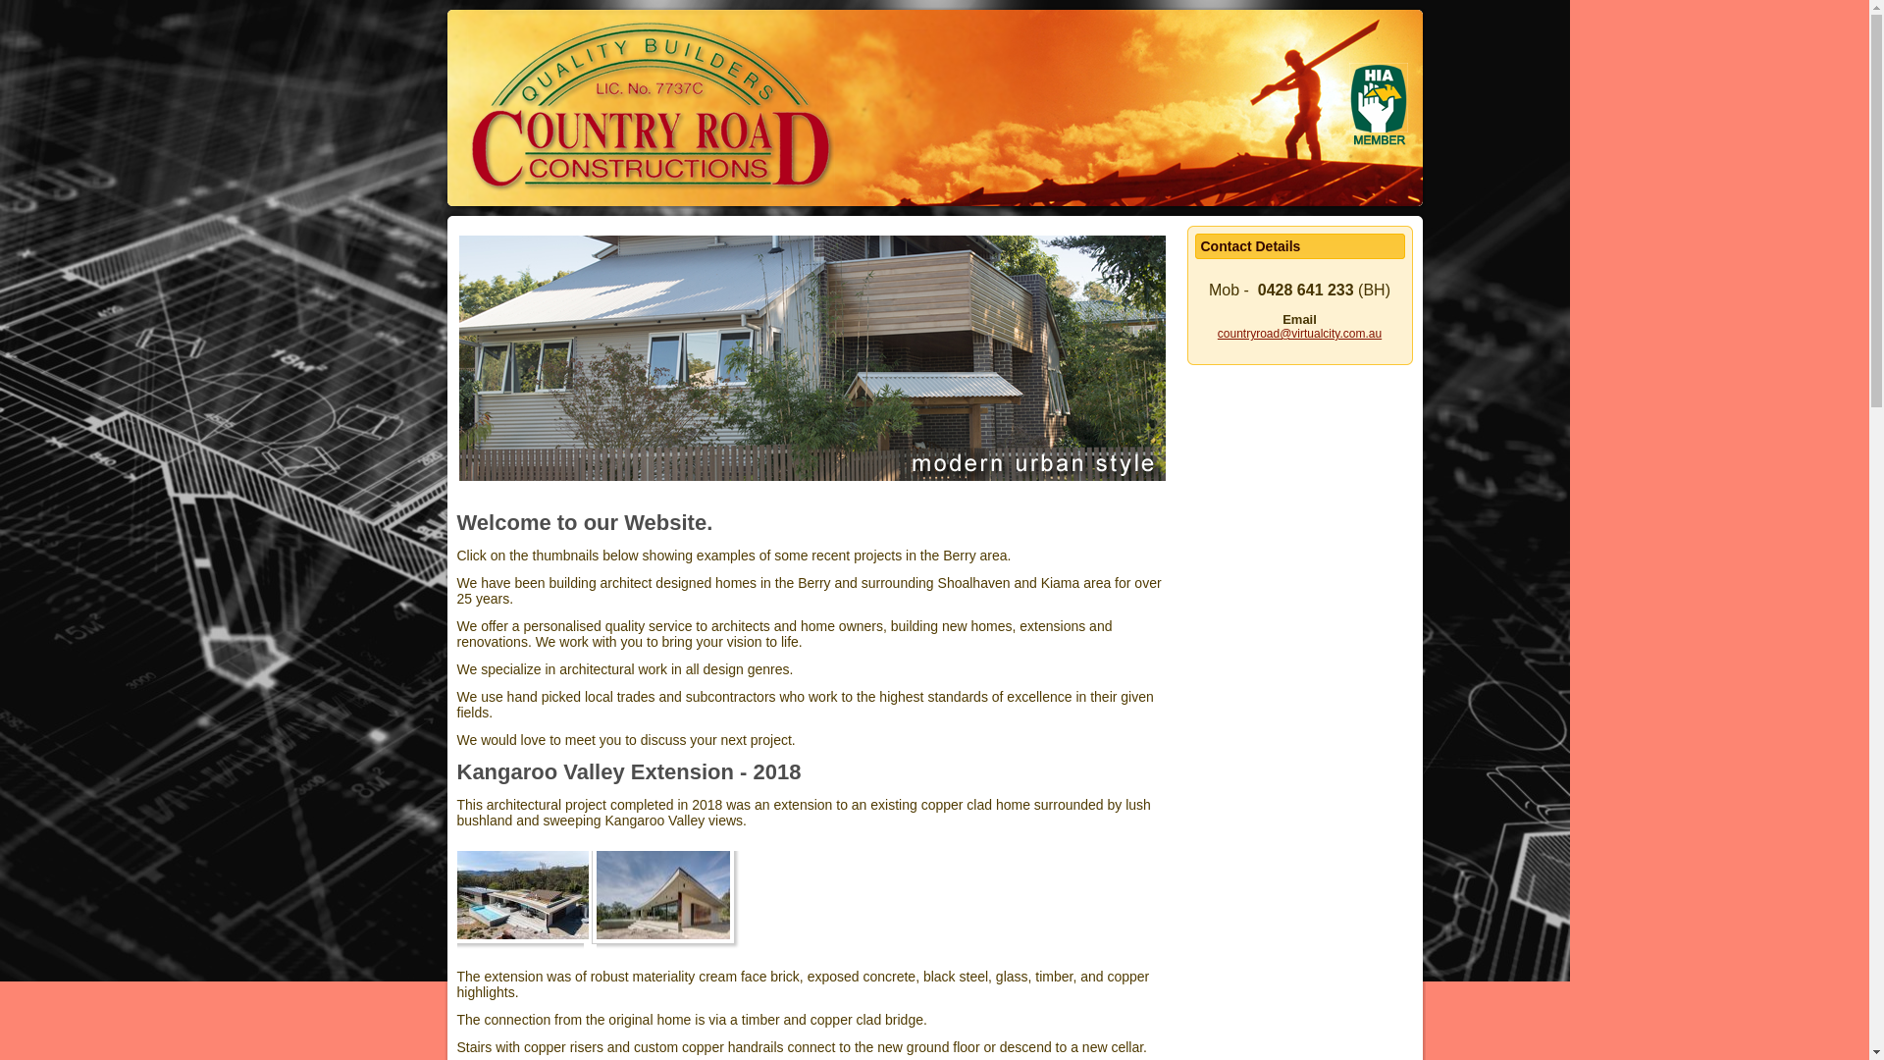 Image resolution: width=1884 pixels, height=1060 pixels. I want to click on 'countryroad@virtualcity.com.au', so click(1299, 332).